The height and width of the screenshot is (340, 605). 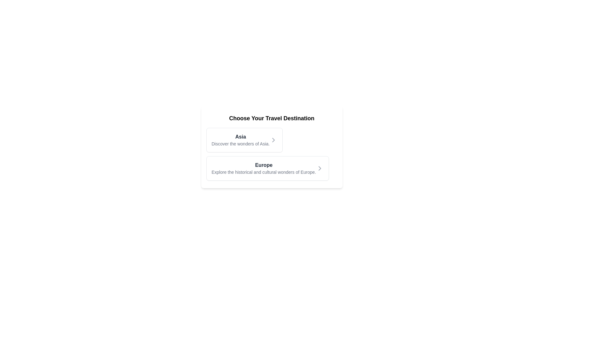 What do you see at coordinates (263, 172) in the screenshot?
I see `the text label providing supplementary information about the 'Europe' section for copying, located directly below the 'Europe' header in the main card area` at bounding box center [263, 172].